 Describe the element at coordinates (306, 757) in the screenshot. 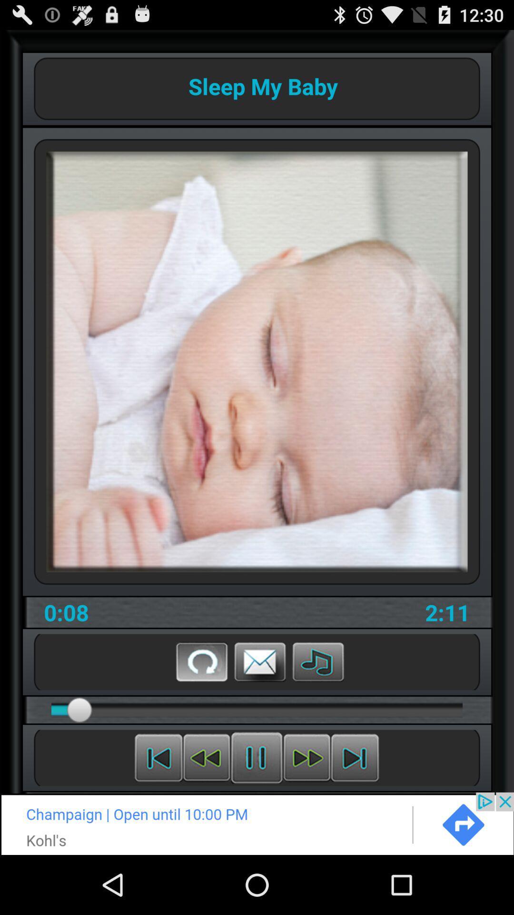

I see `skip` at that location.